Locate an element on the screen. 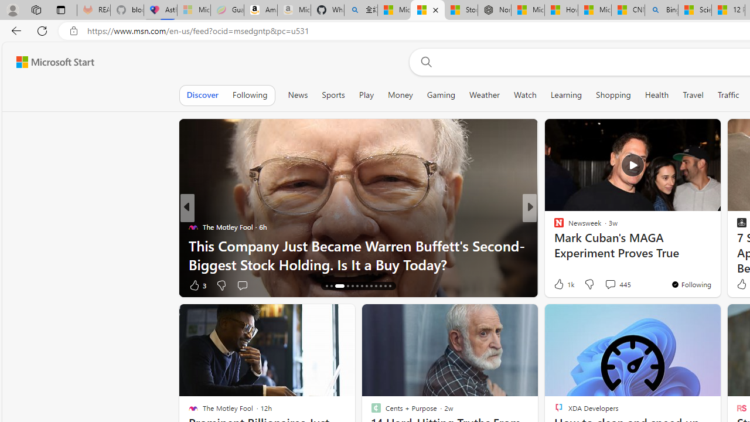  '40 Like' is located at coordinates (560, 285).